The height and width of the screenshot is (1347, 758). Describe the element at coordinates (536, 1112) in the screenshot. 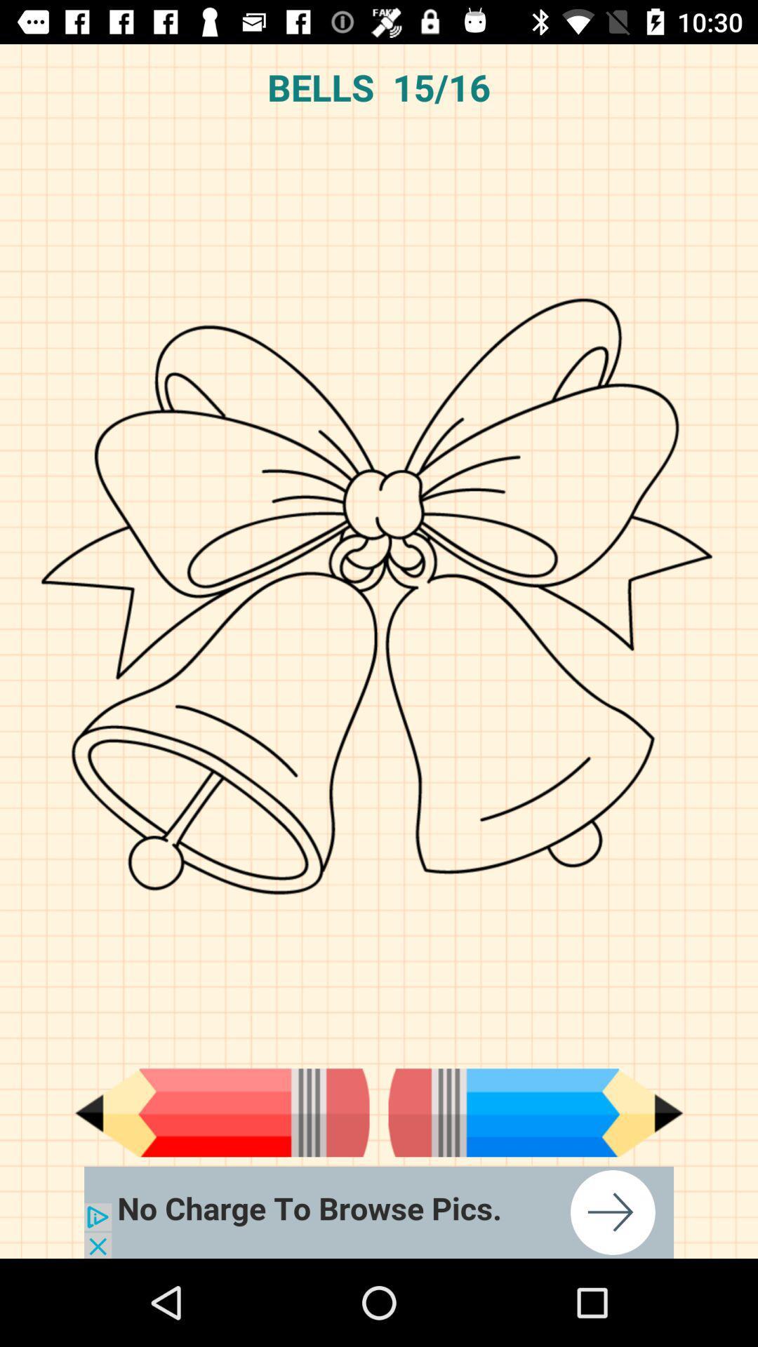

I see `wright` at that location.